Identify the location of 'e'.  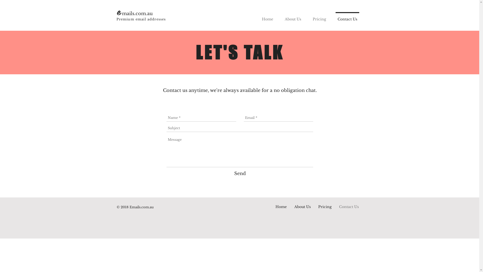
(119, 11).